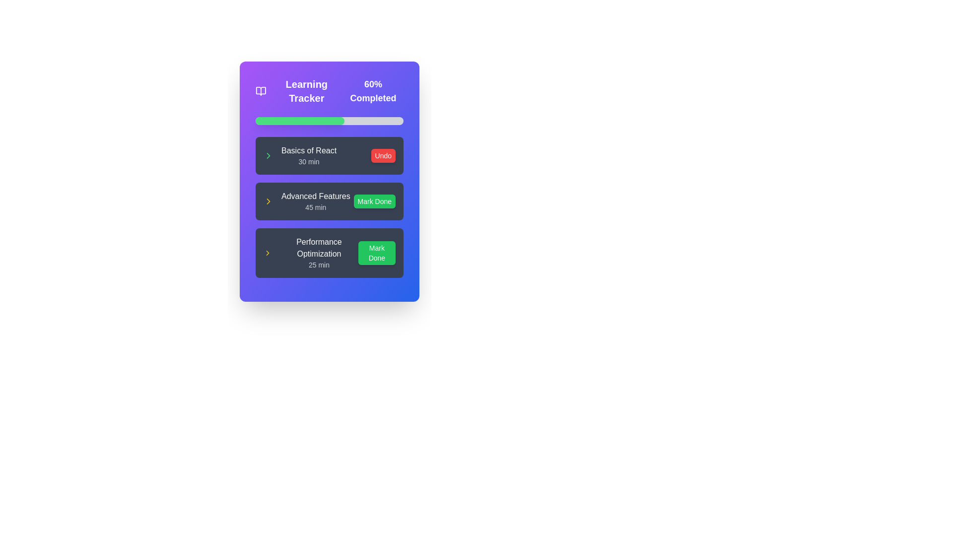  What do you see at coordinates (268, 252) in the screenshot?
I see `the yellow right-pointing arrow icon button located on the left side of the 'Performance Optimization' card, which is the third card in the vertical list of learning topics` at bounding box center [268, 252].